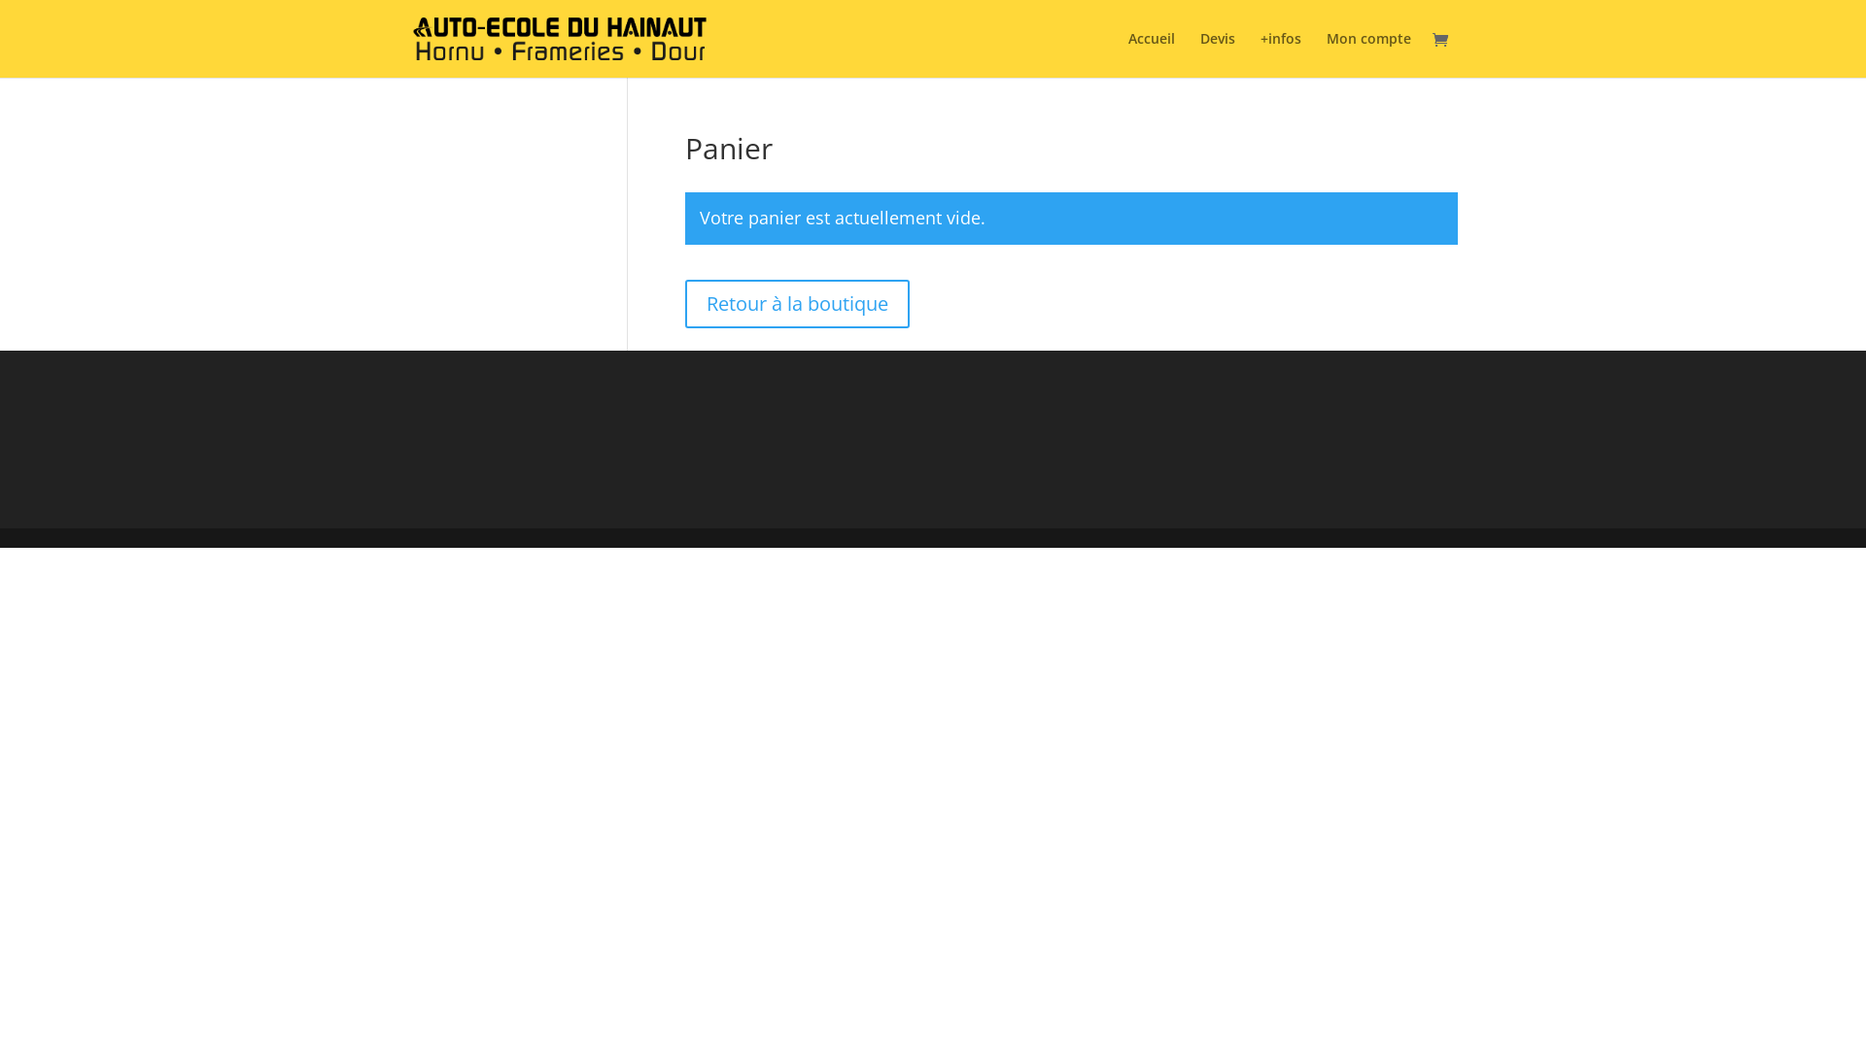 The image size is (1866, 1049). Describe the element at coordinates (1216, 53) in the screenshot. I see `'Devis'` at that location.